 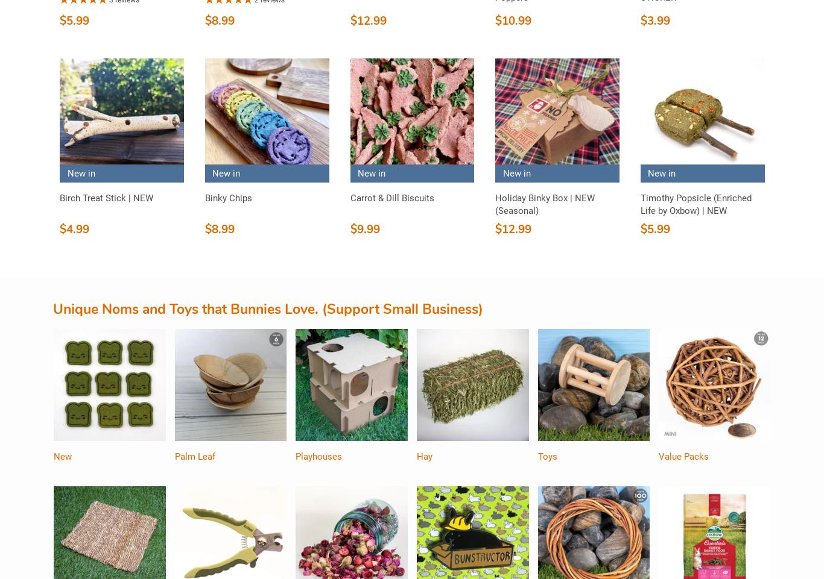 What do you see at coordinates (62, 456) in the screenshot?
I see `'New'` at bounding box center [62, 456].